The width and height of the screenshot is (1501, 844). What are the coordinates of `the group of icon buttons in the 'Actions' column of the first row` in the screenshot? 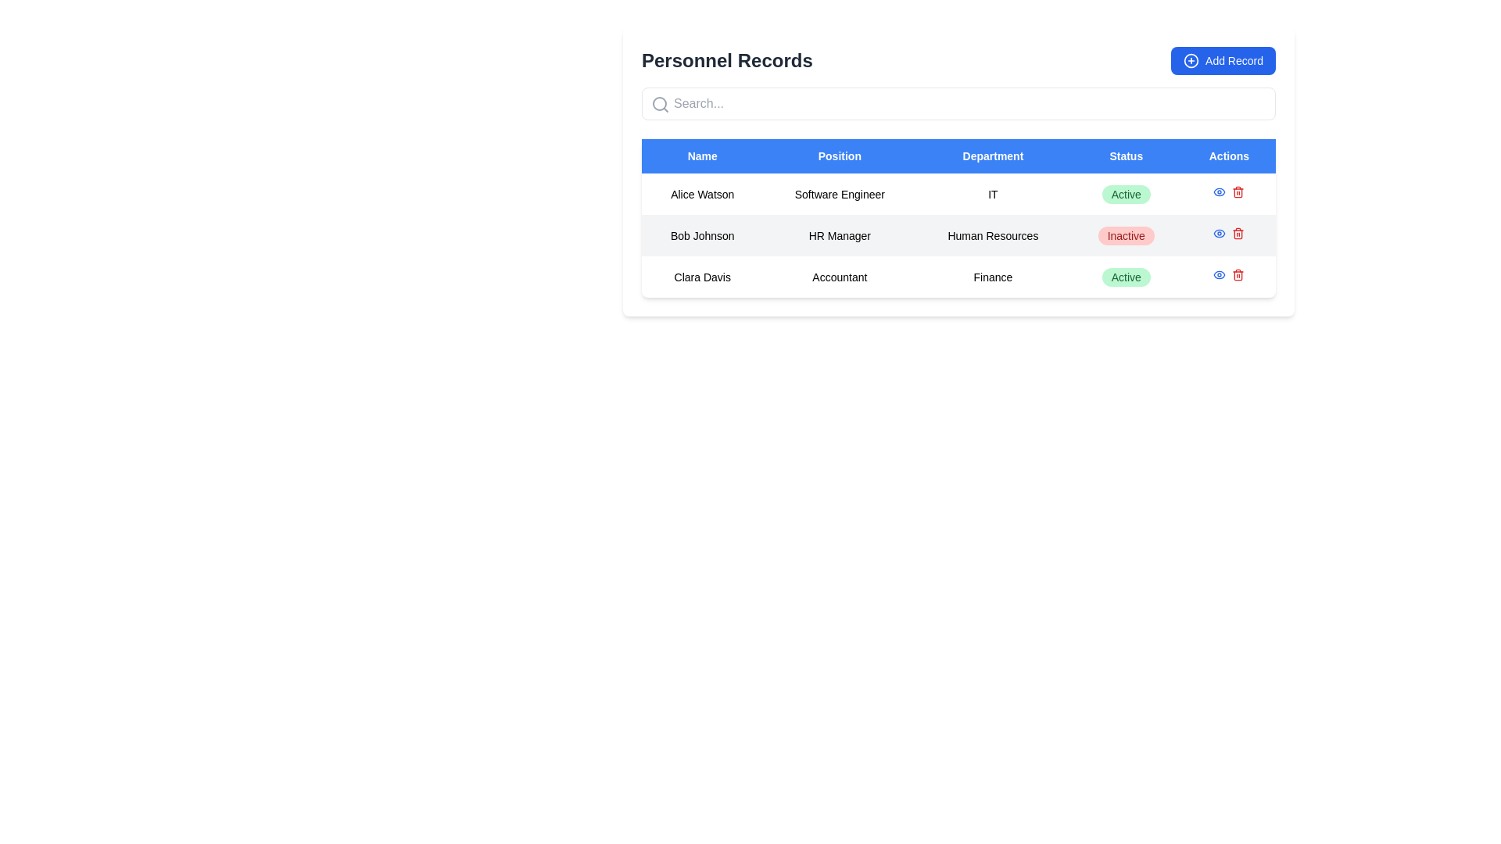 It's located at (1228, 193).